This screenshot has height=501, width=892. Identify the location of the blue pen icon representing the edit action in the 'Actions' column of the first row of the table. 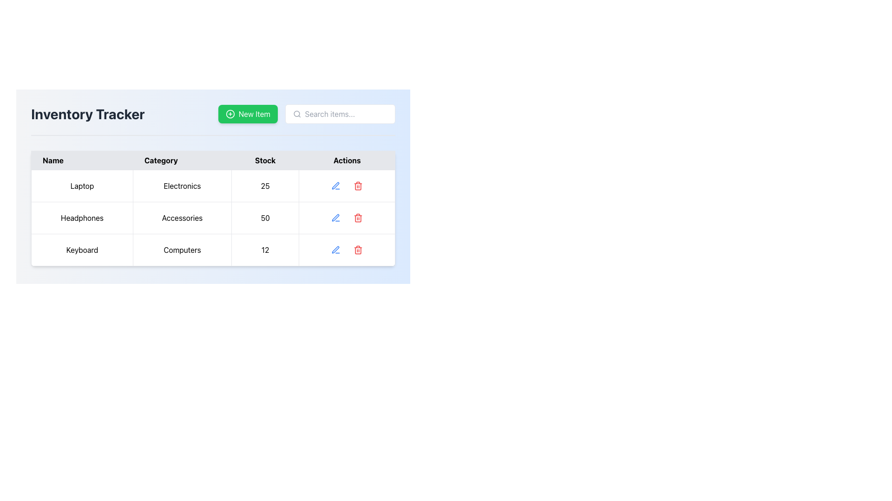
(335, 186).